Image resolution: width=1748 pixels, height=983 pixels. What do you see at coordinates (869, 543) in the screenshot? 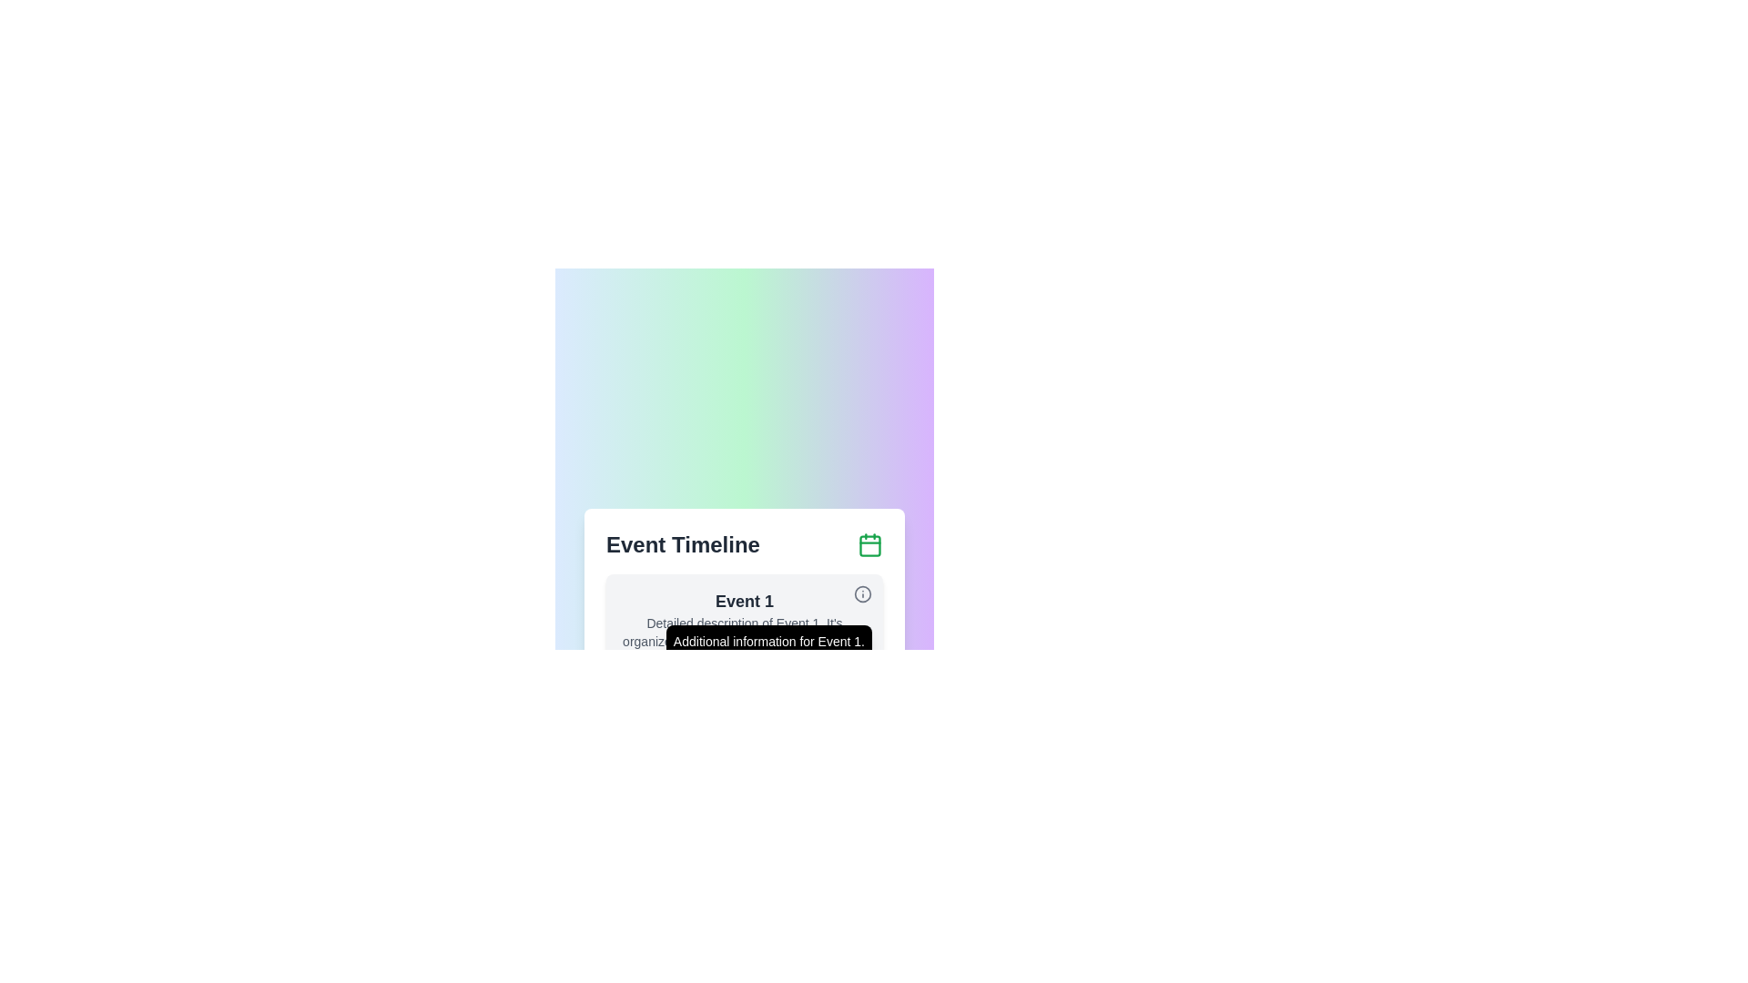
I see `the green calendar icon located in the top-right area of the 'Event Timeline' section` at bounding box center [869, 543].